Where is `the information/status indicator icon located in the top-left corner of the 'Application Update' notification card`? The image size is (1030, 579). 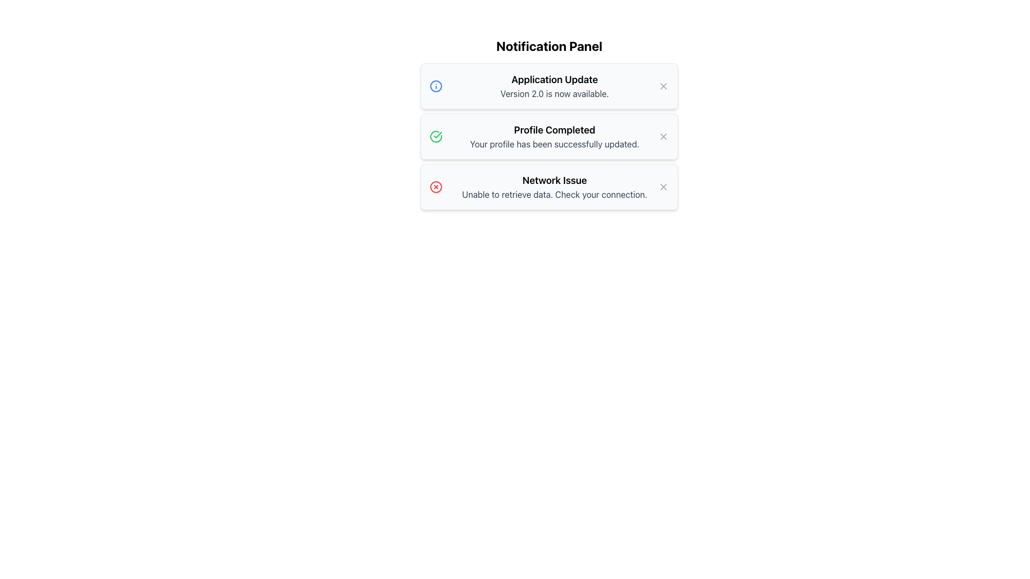
the information/status indicator icon located in the top-left corner of the 'Application Update' notification card is located at coordinates (436, 86).